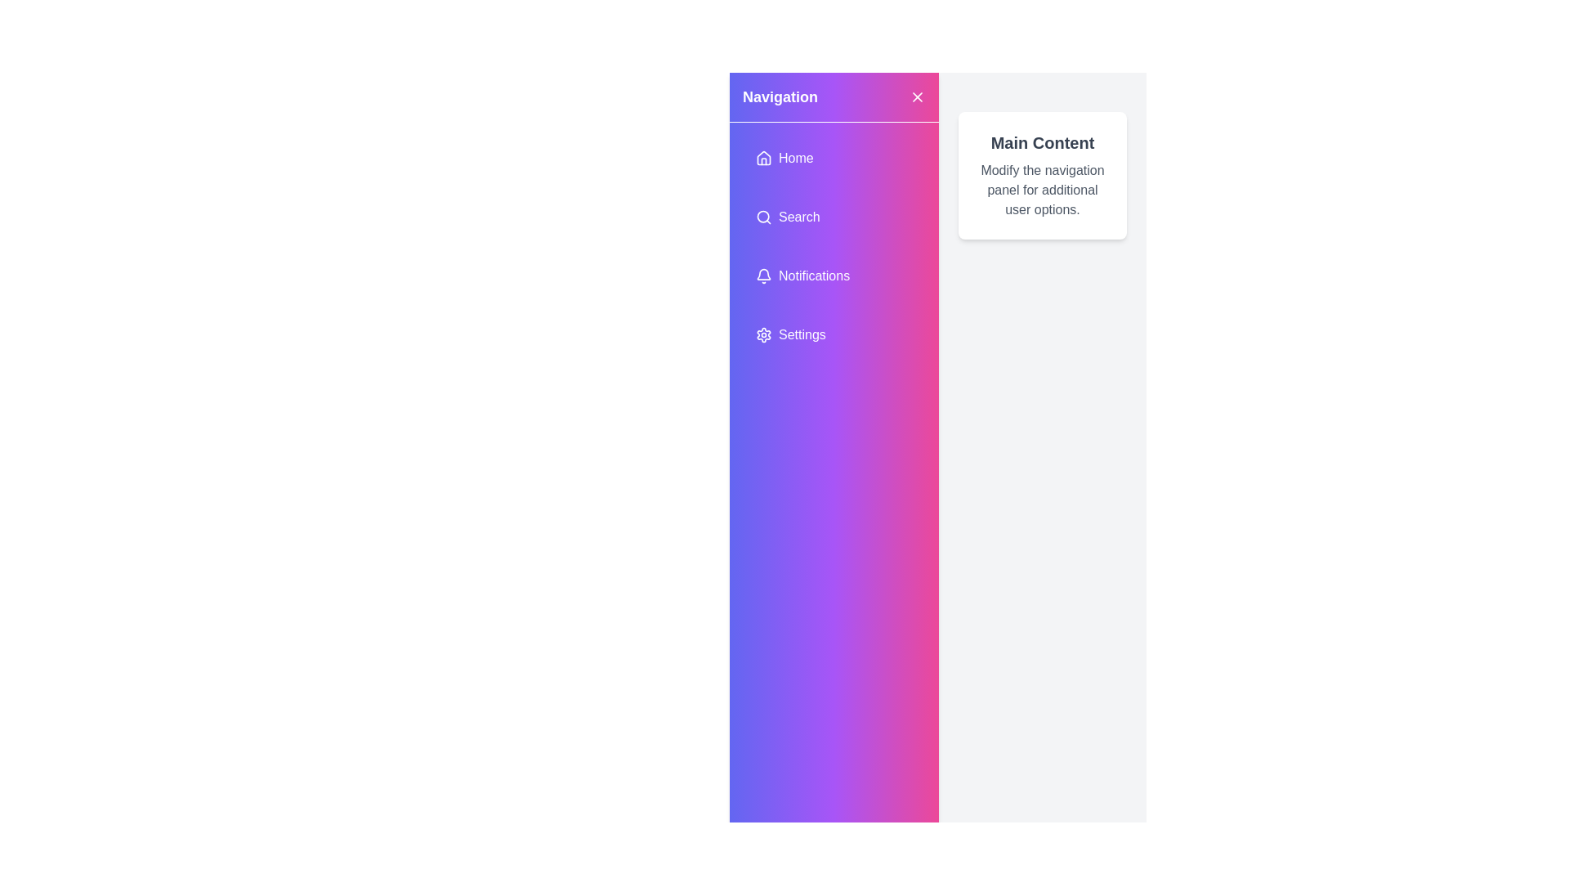  What do you see at coordinates (790, 334) in the screenshot?
I see `the 'Settings' button, which is a horizontally aligned menu item featuring a cogwheel icon and styled with a vibrant gradient background` at bounding box center [790, 334].